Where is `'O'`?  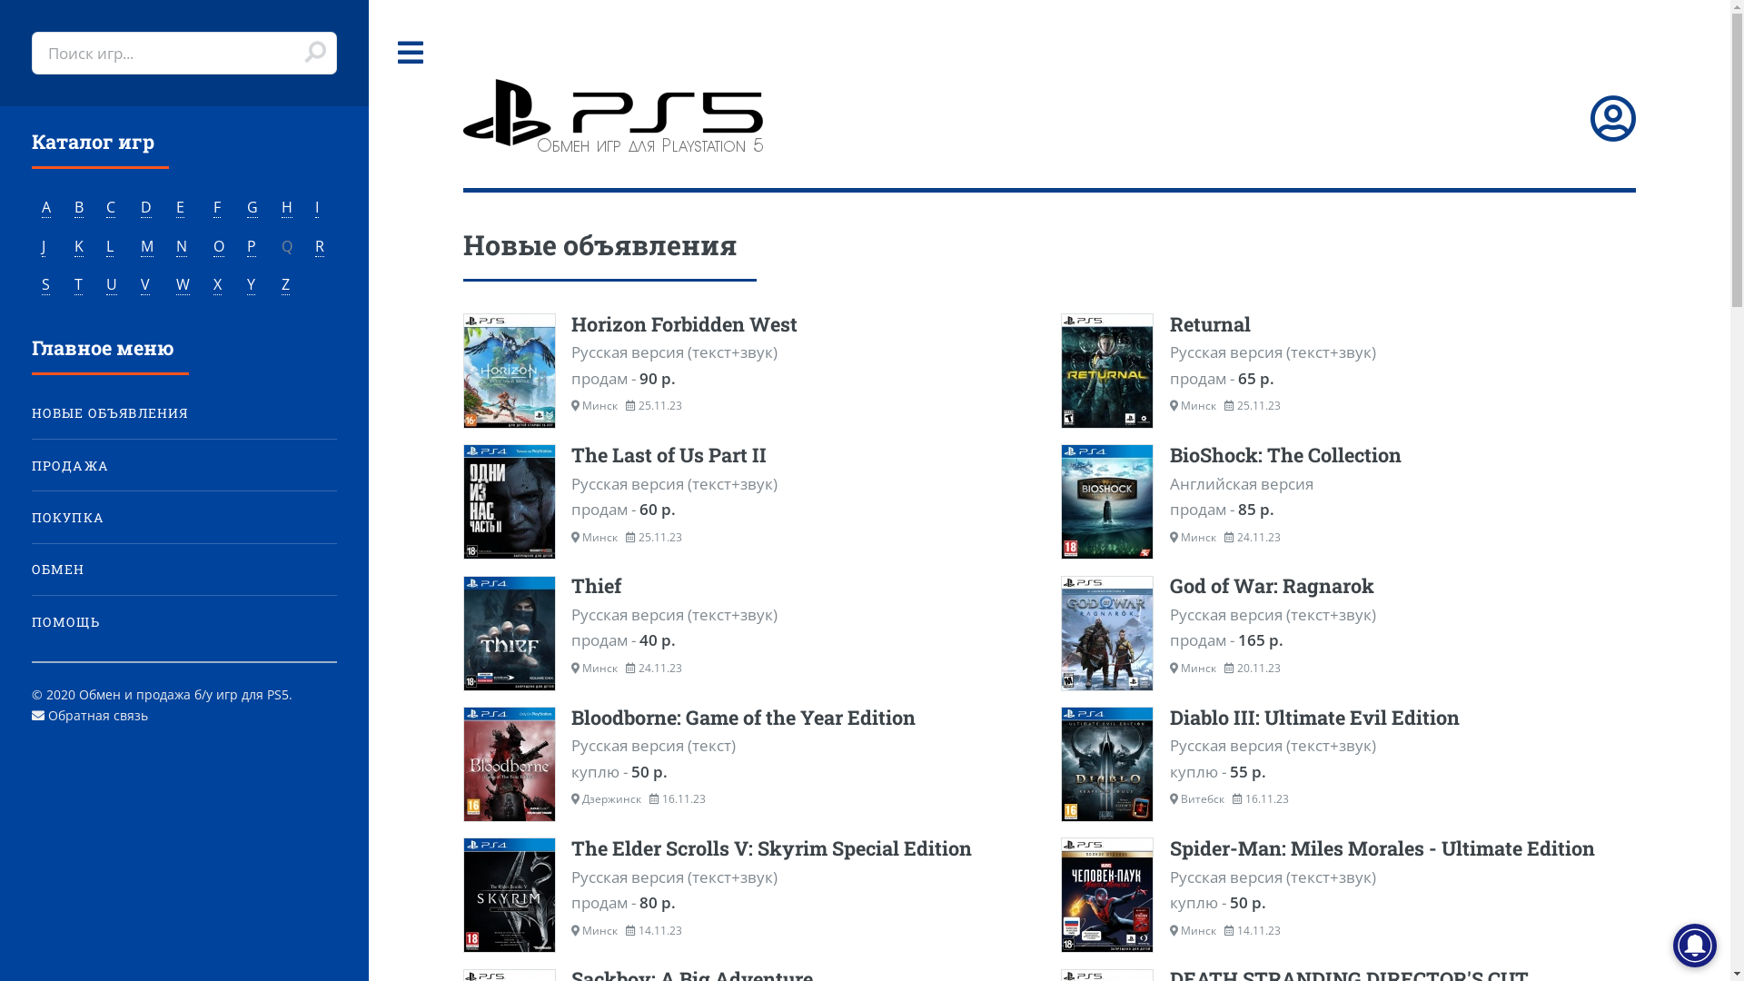 'O' is located at coordinates (218, 246).